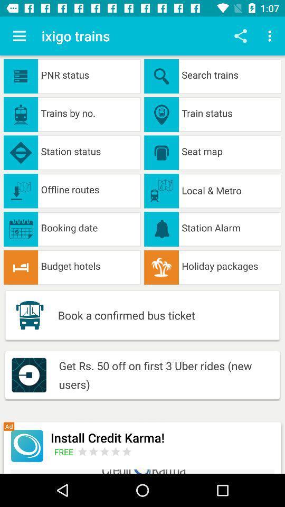  Describe the element at coordinates (65, 451) in the screenshot. I see `icon below the install credit karma! item` at that location.